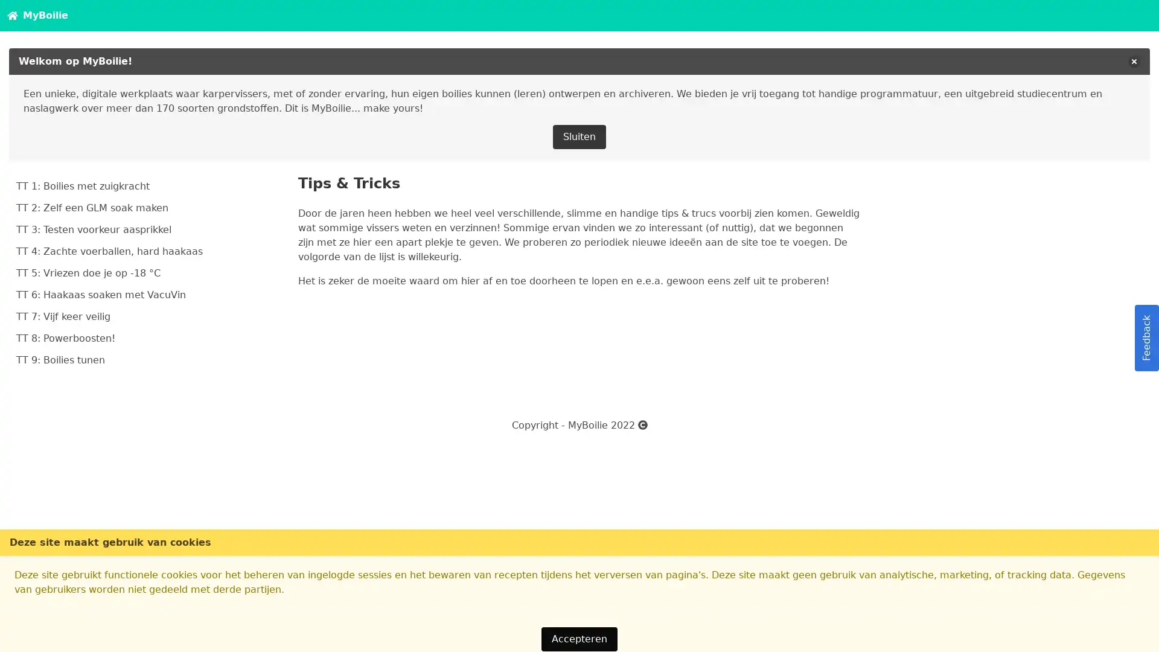 This screenshot has width=1159, height=652. I want to click on Sluiten, so click(579, 136).